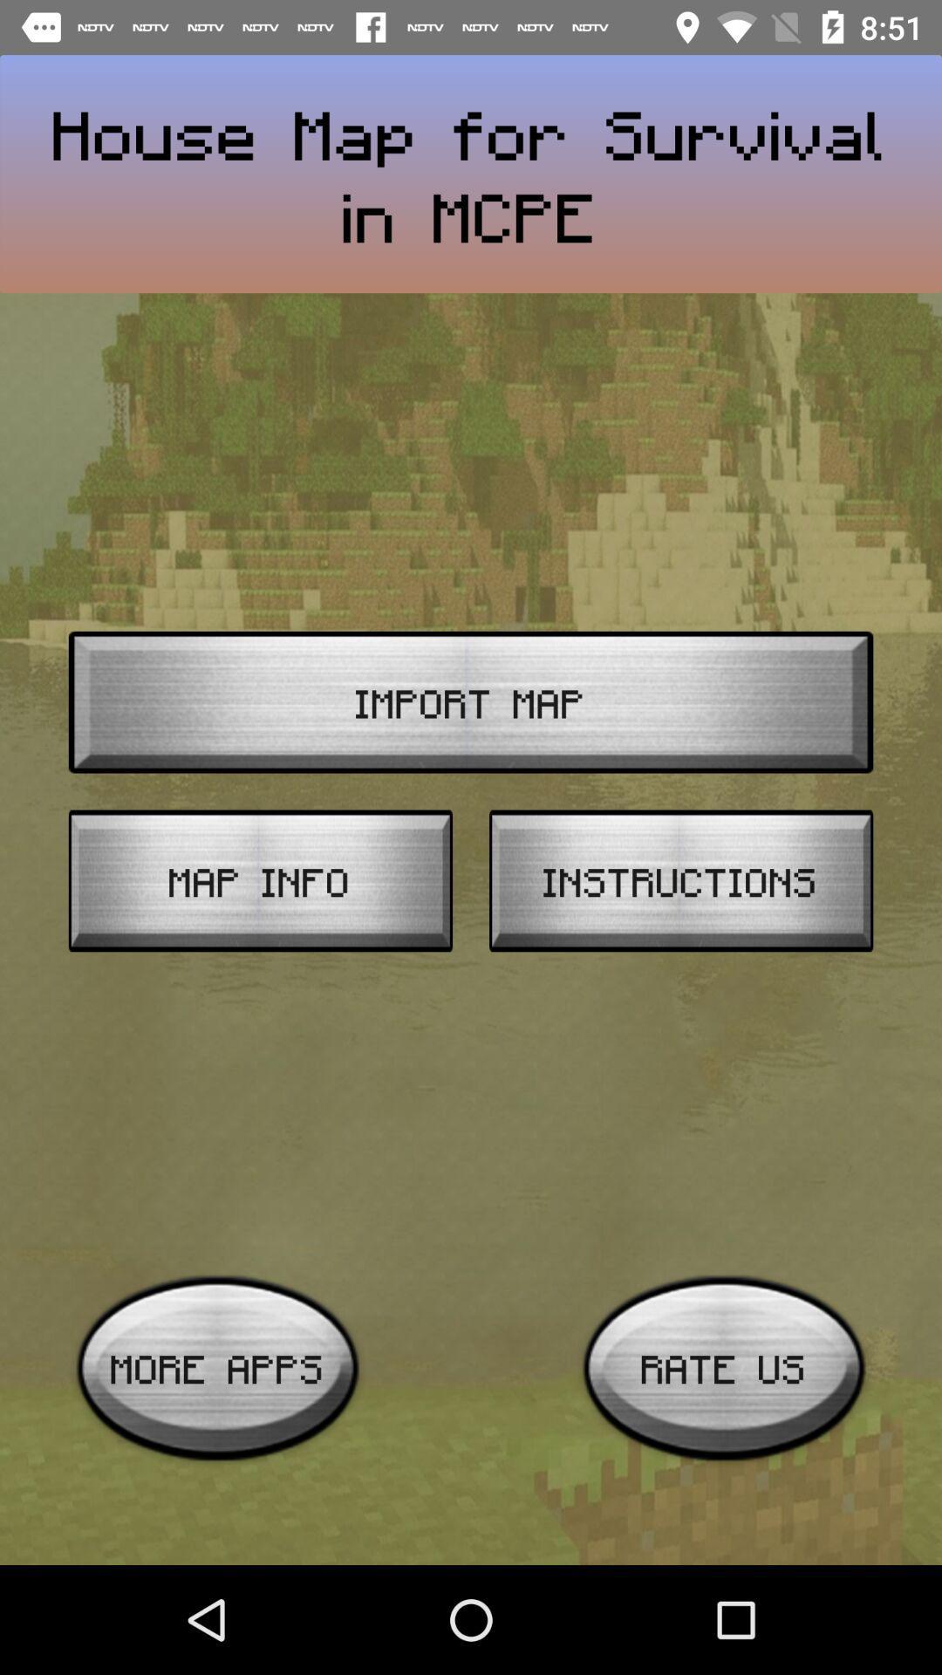  What do you see at coordinates (724, 1367) in the screenshot?
I see `the item next to the more apps icon` at bounding box center [724, 1367].